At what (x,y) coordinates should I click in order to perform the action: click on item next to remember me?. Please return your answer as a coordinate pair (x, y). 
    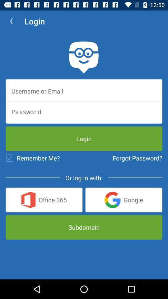
    Looking at the image, I should click on (137, 158).